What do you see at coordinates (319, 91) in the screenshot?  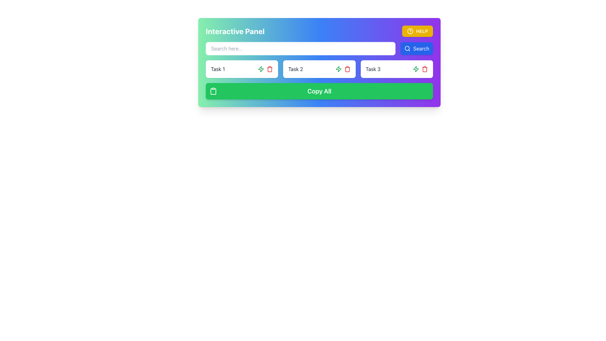 I see `the wide green 'Copy All' button with rounded corners and a clipboard icon` at bounding box center [319, 91].